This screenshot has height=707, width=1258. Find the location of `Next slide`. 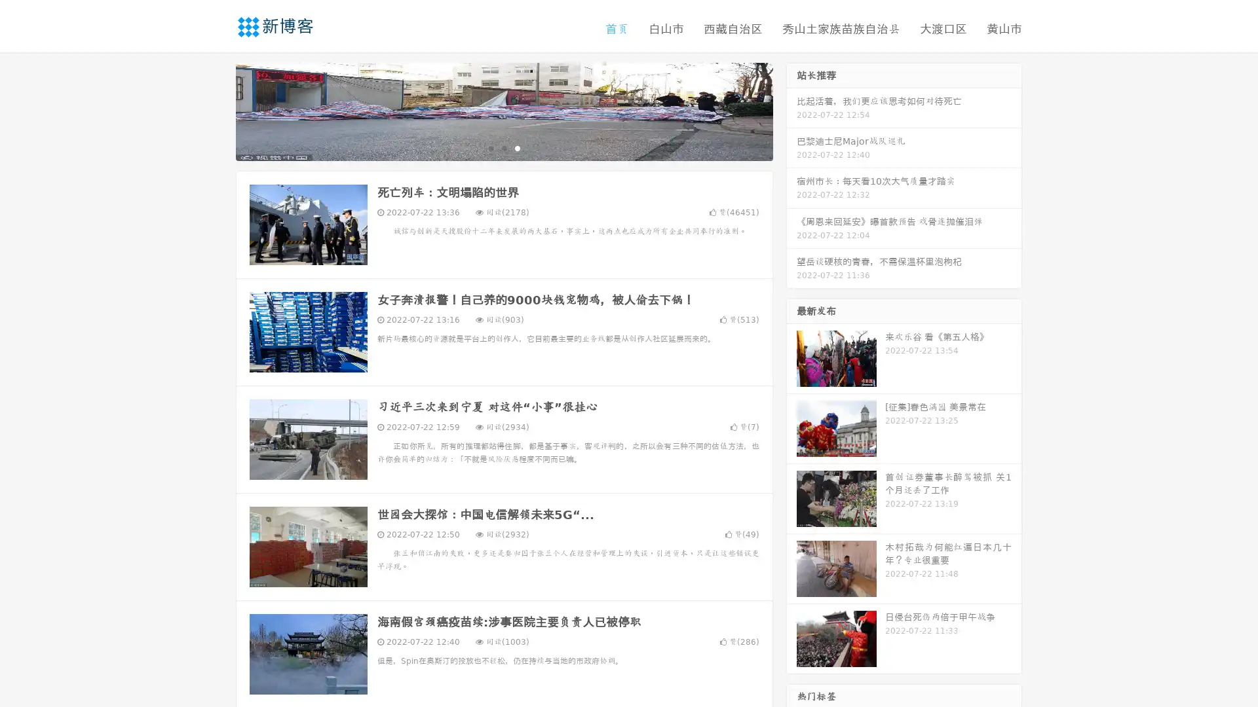

Next slide is located at coordinates (791, 110).